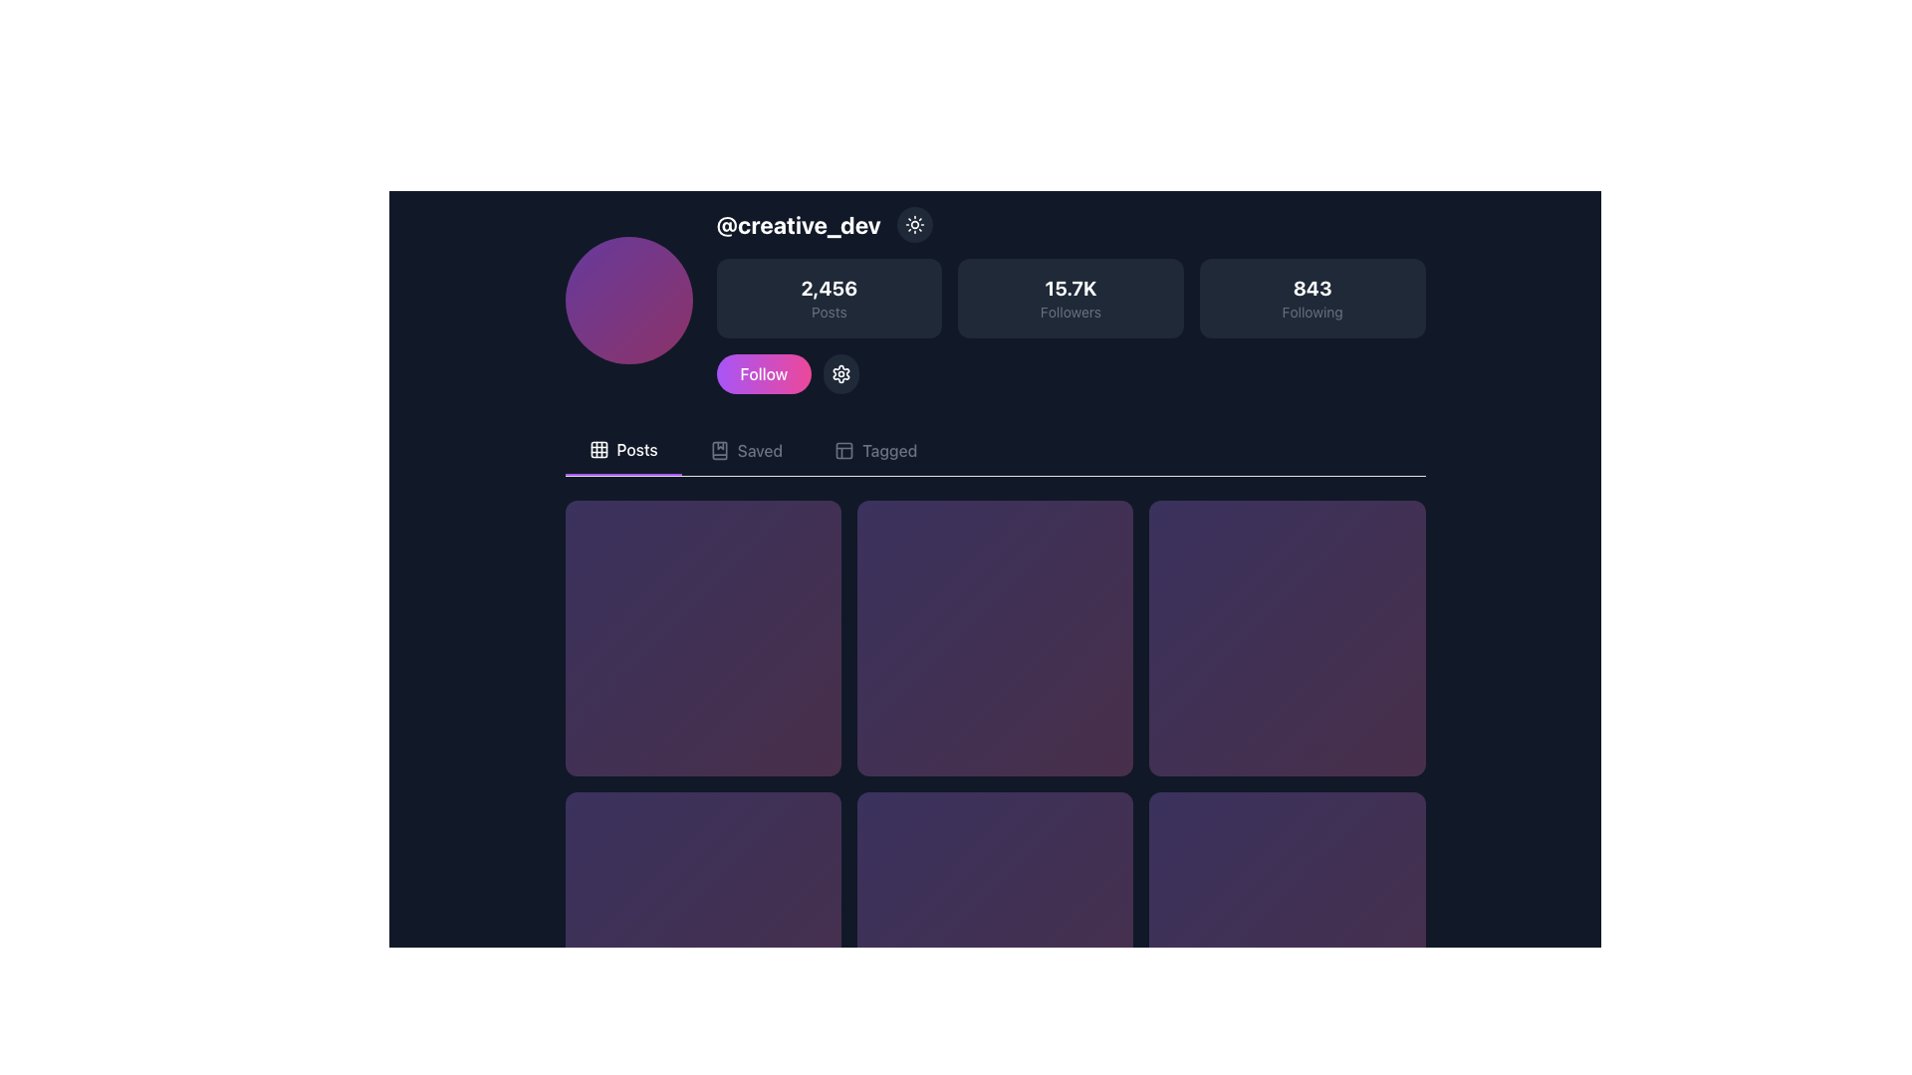  What do you see at coordinates (913, 224) in the screenshot?
I see `the circular sun icon with a dark theme located near the top right of the interface, next to the username display` at bounding box center [913, 224].